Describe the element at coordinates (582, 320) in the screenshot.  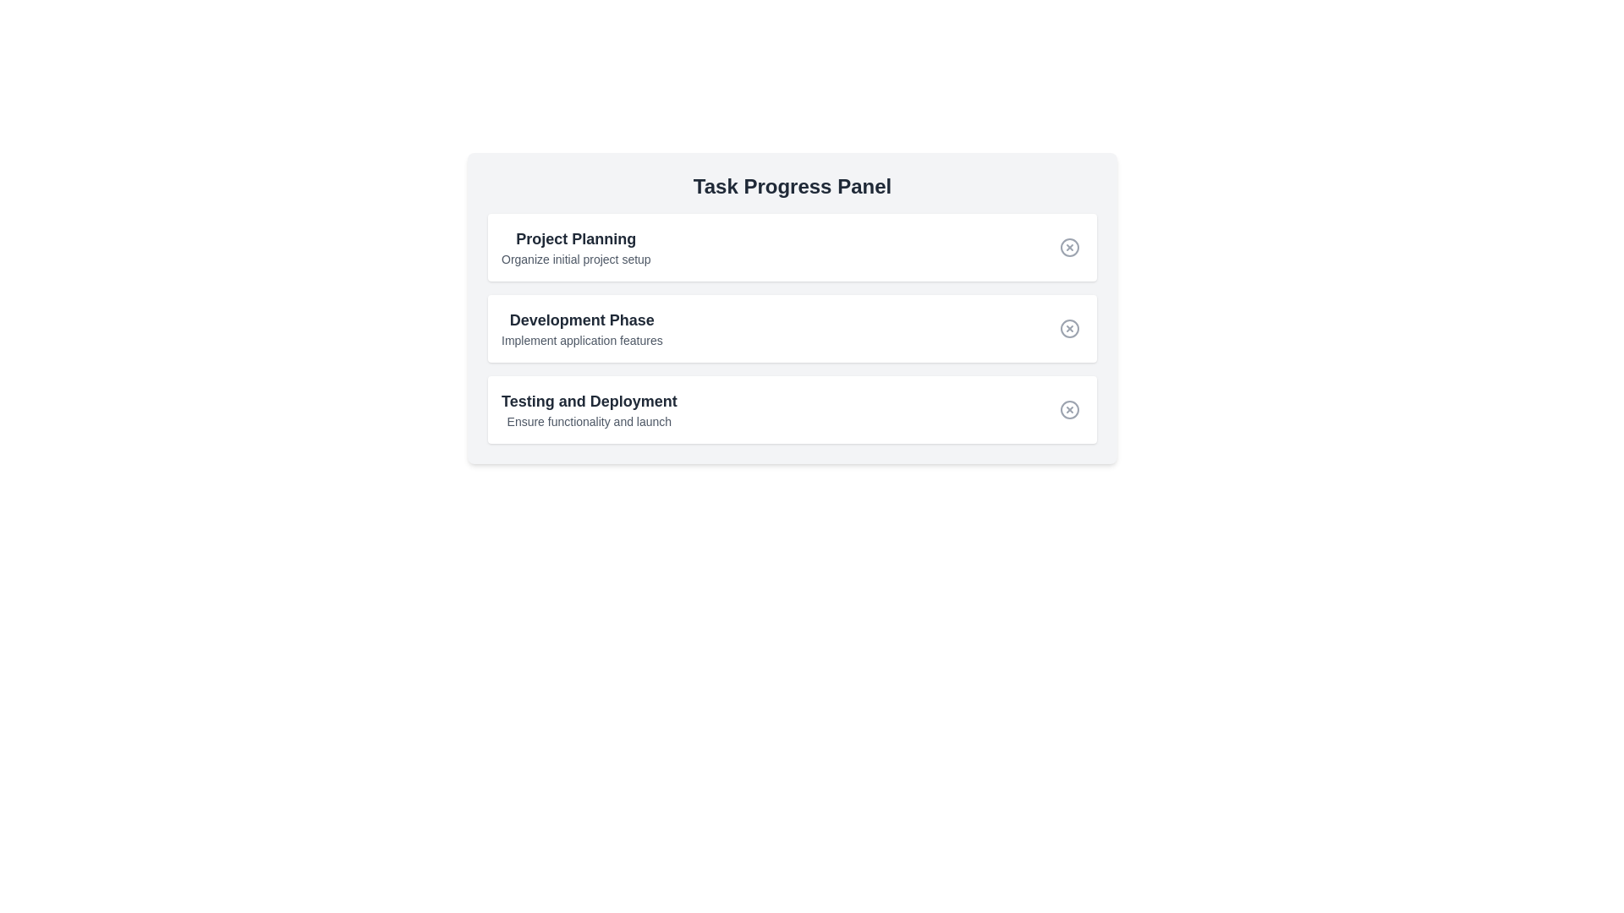
I see `the Text label that serves as the header for the second task in the Task Progress Panel, positioned between 'Project Planning' and 'Testing and Deployment'` at that location.